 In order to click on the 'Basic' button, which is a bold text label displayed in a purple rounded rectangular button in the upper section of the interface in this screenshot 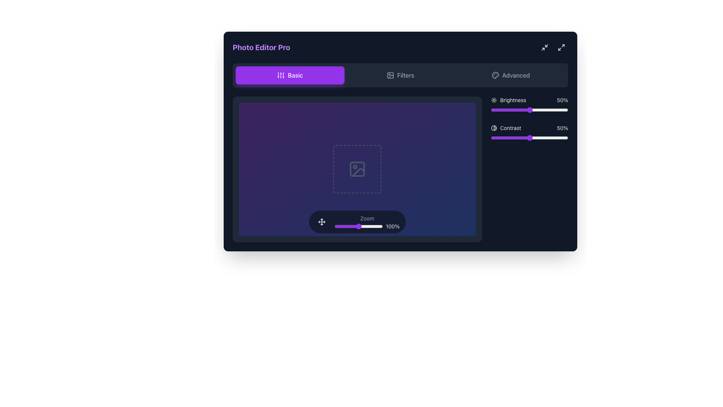, I will do `click(294, 75)`.